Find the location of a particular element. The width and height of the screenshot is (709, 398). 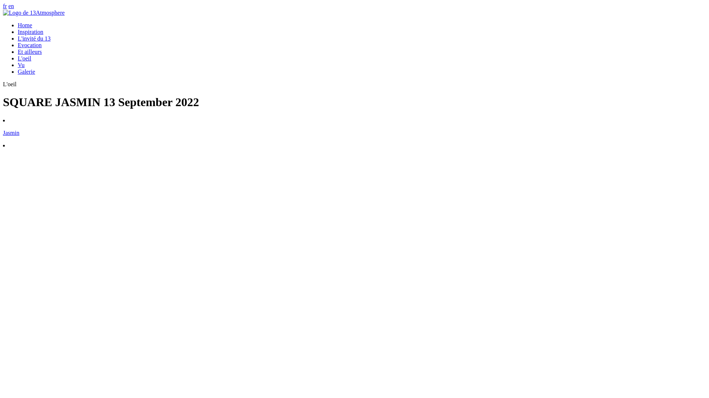

'Et ailleurs' is located at coordinates (30, 51).